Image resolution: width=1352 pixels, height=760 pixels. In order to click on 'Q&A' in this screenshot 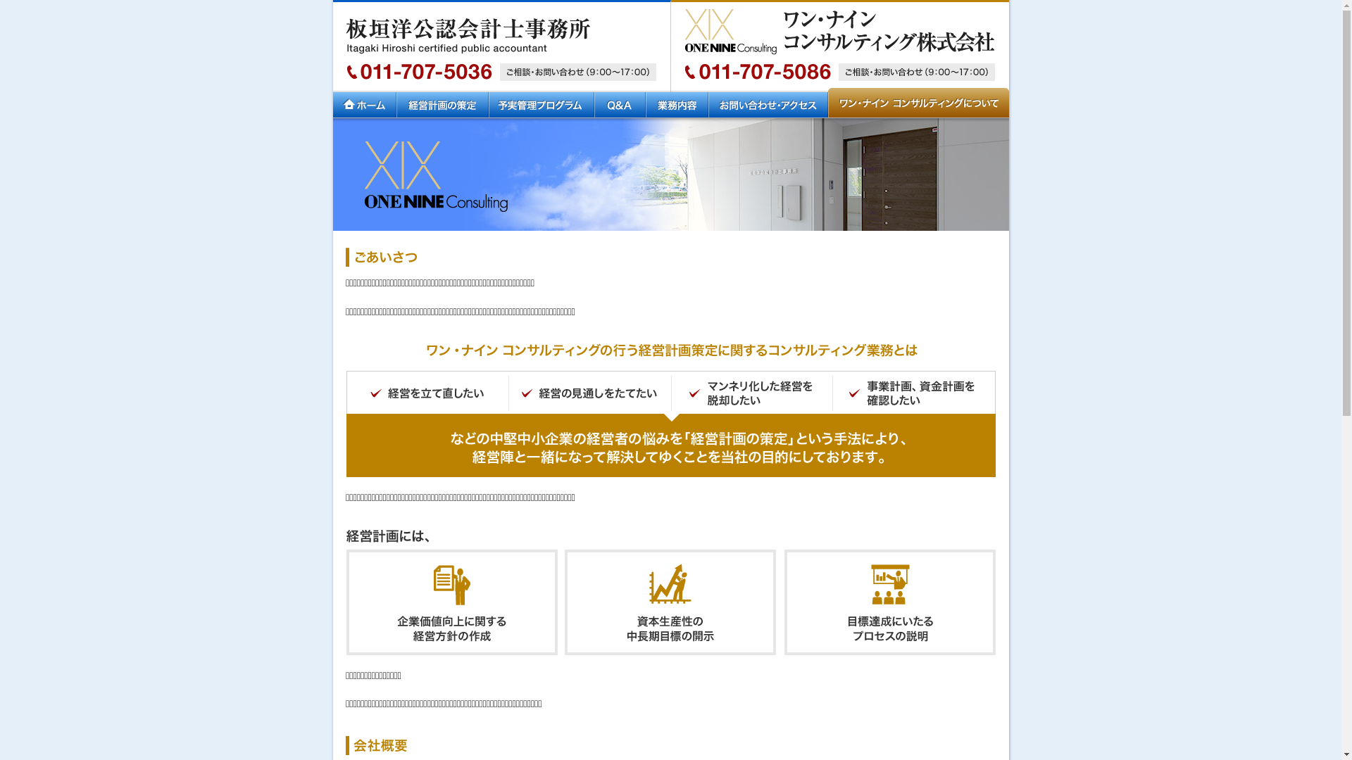, I will do `click(620, 102)`.